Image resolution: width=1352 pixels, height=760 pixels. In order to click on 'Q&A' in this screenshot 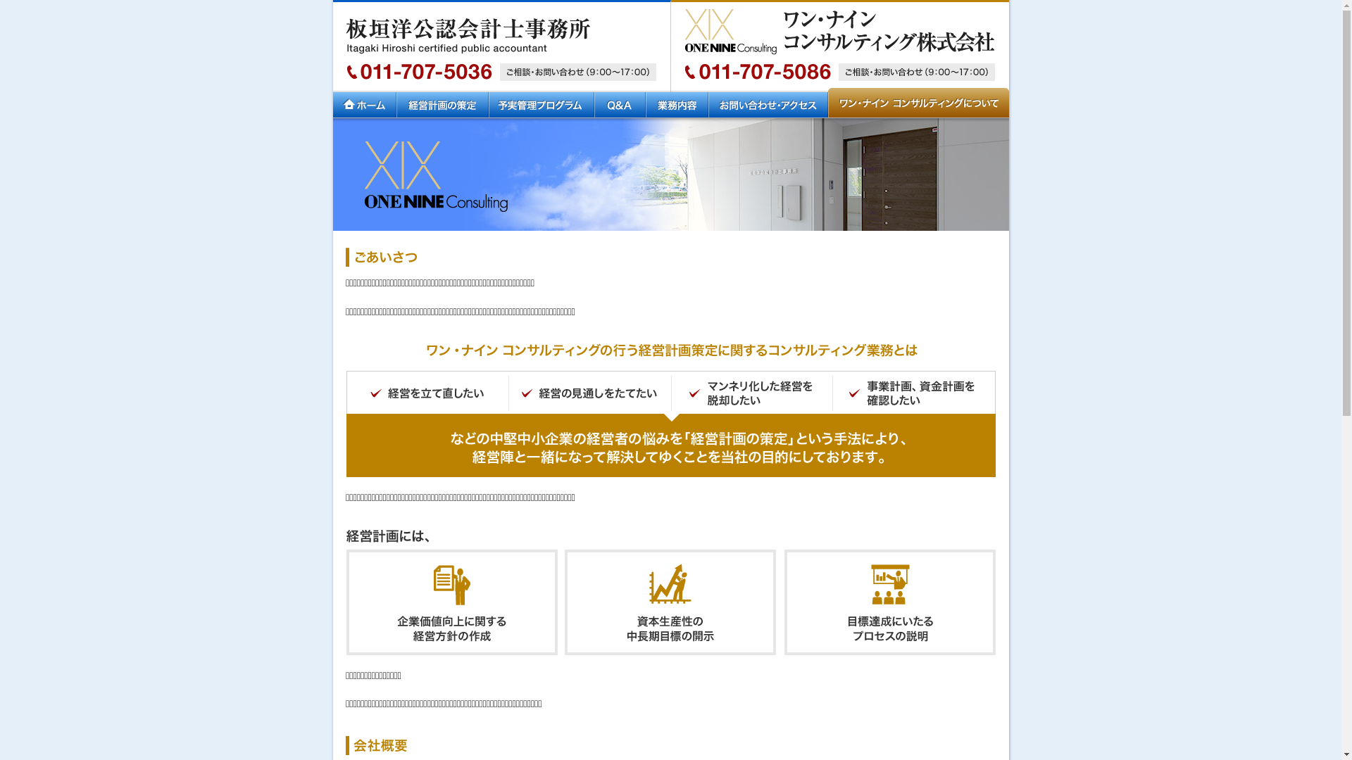, I will do `click(620, 102)`.